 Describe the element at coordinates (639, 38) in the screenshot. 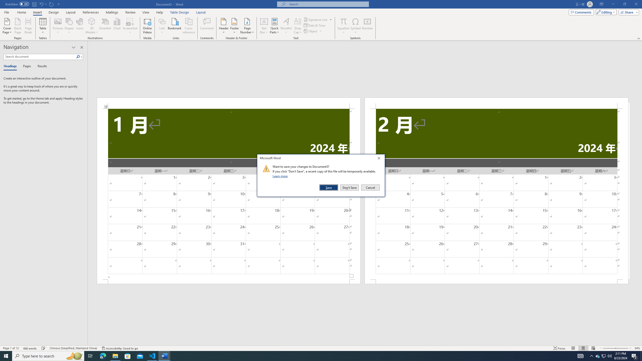

I see `'Collapse the Ribbon'` at that location.